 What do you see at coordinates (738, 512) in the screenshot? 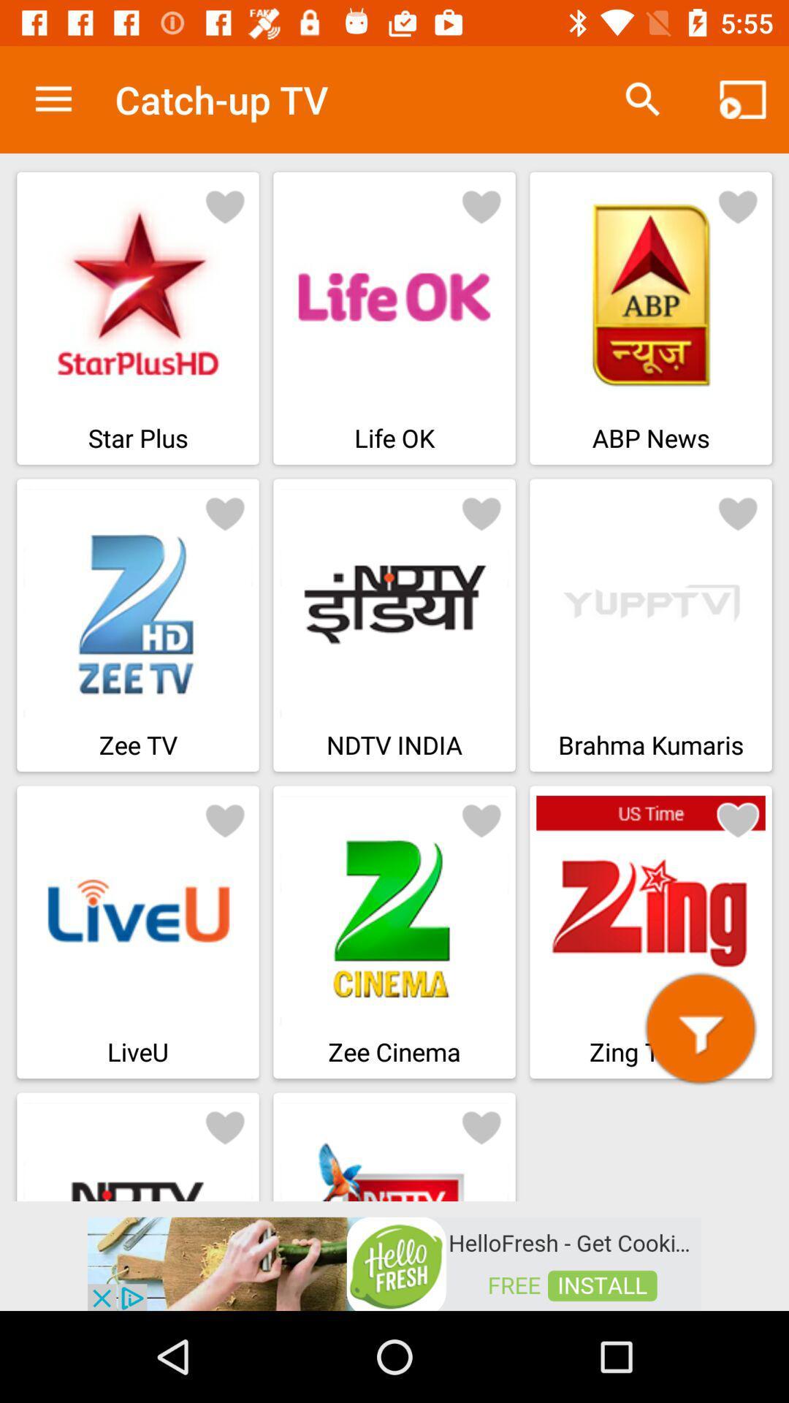
I see `favourite` at bounding box center [738, 512].